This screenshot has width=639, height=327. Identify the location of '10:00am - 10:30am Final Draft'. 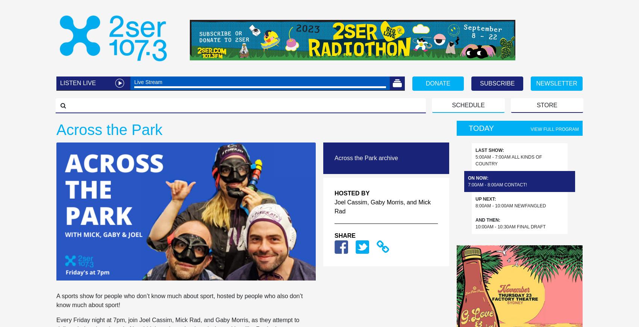
(510, 226).